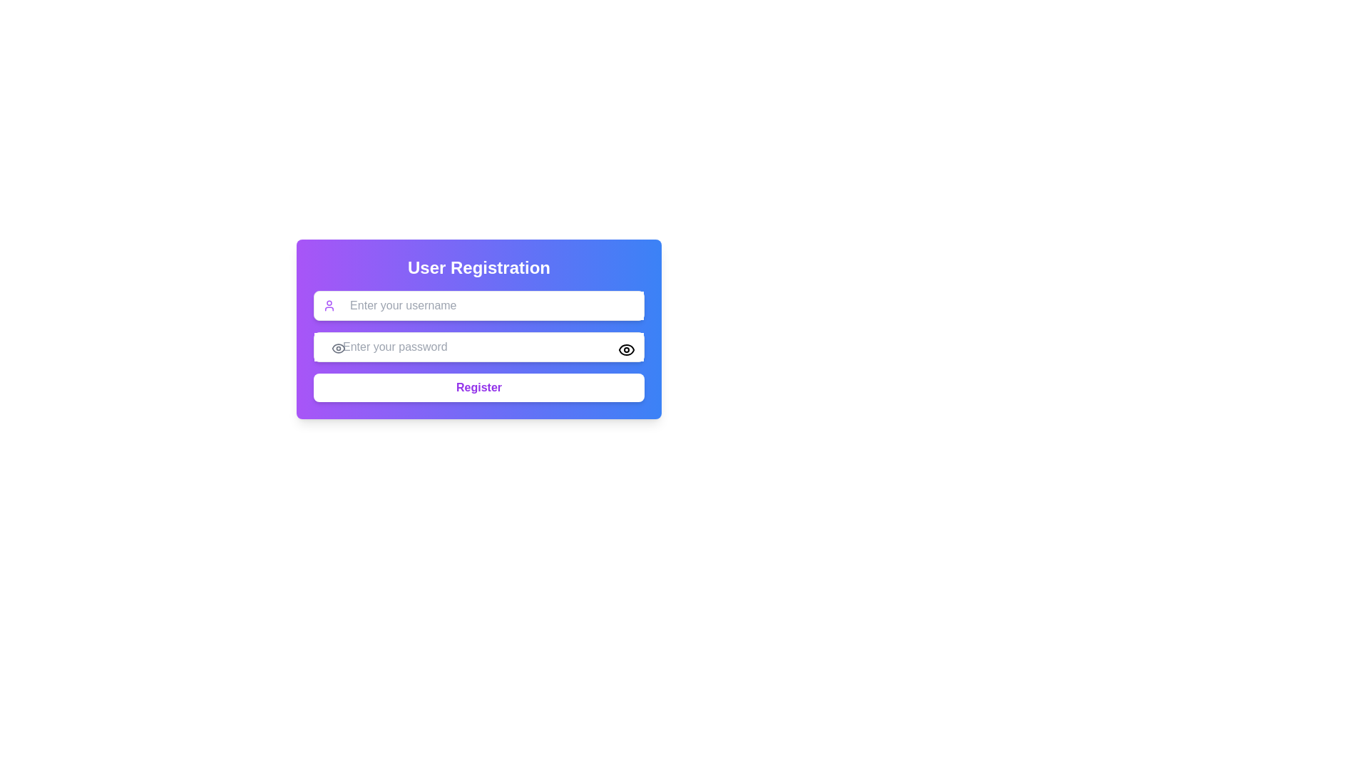 This screenshot has width=1369, height=770. What do you see at coordinates (626, 349) in the screenshot?
I see `the visual representation of the outer segment of the eye icon used for the visibility toggle feature in the 'User Registration' form, located to the right of the 'Enter your password' input field` at bounding box center [626, 349].